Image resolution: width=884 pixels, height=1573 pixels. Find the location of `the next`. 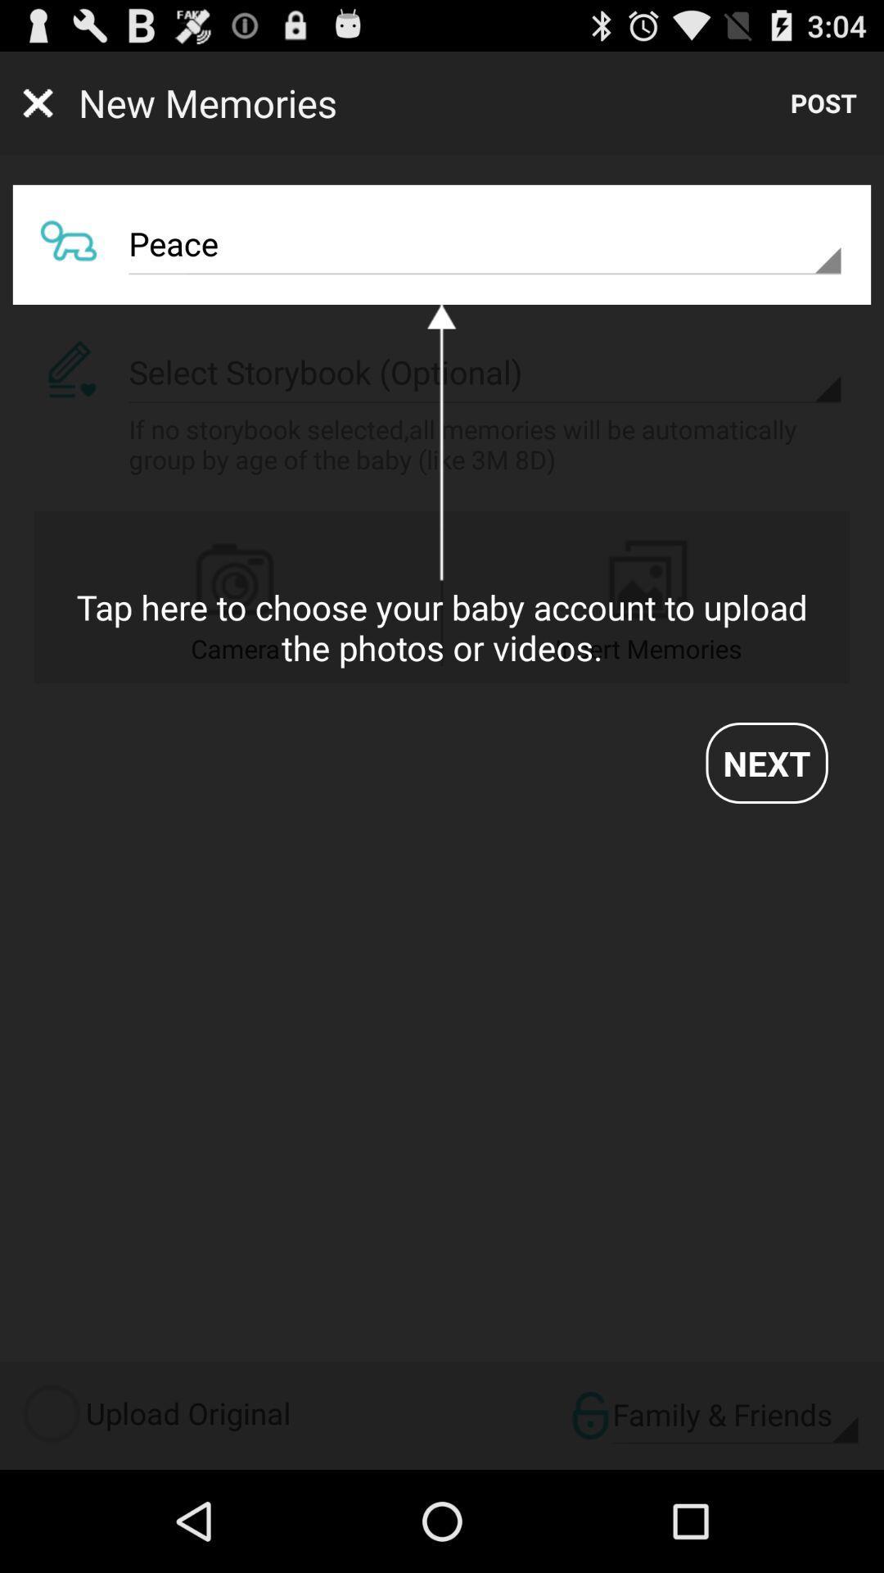

the next is located at coordinates (767, 762).